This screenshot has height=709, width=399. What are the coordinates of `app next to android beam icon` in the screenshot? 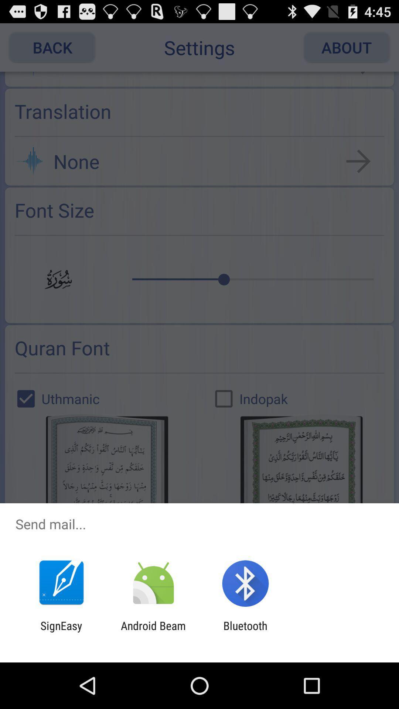 It's located at (245, 632).